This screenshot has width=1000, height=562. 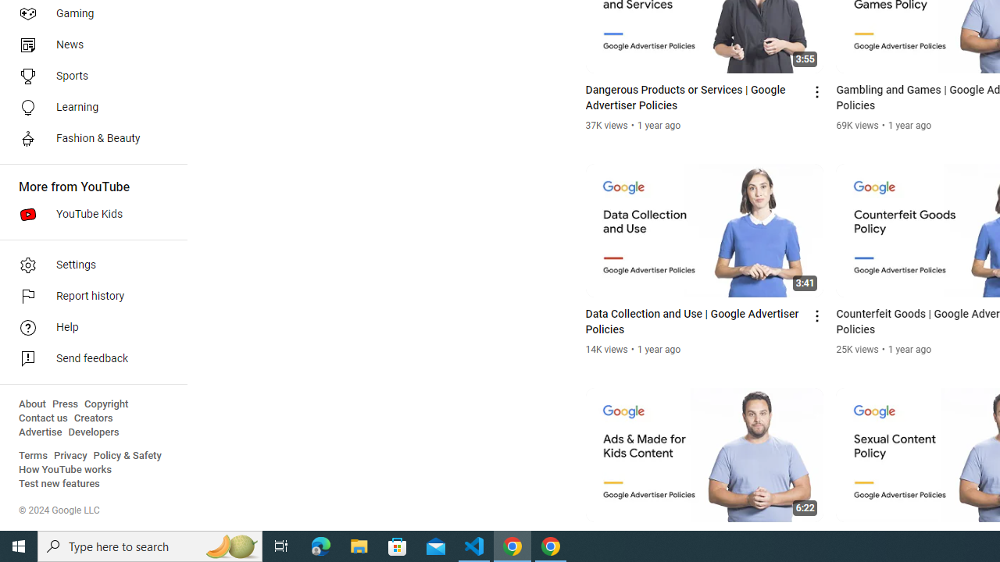 I want to click on 'Send feedback', so click(x=87, y=359).